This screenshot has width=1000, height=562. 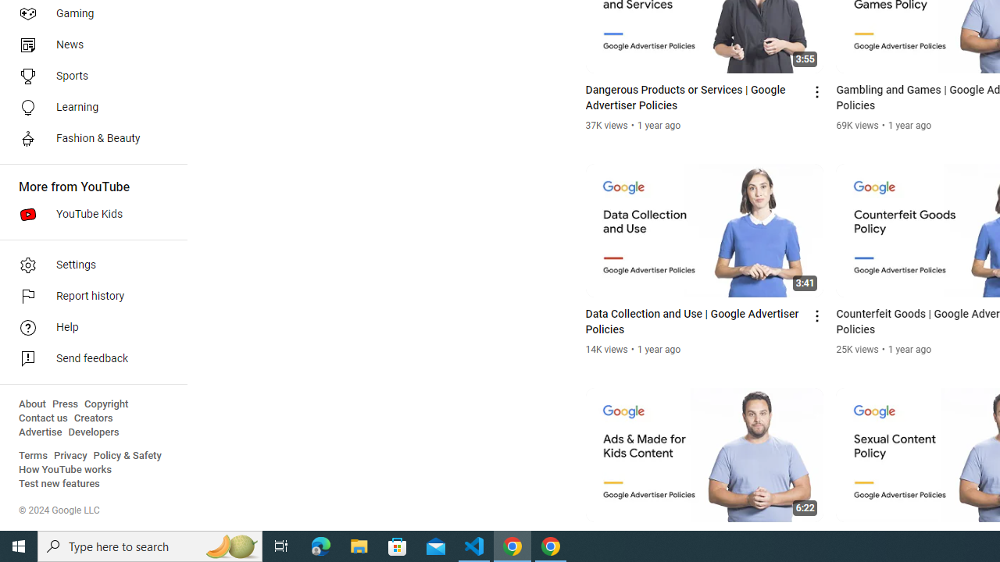 I want to click on 'Send feedback', so click(x=87, y=359).